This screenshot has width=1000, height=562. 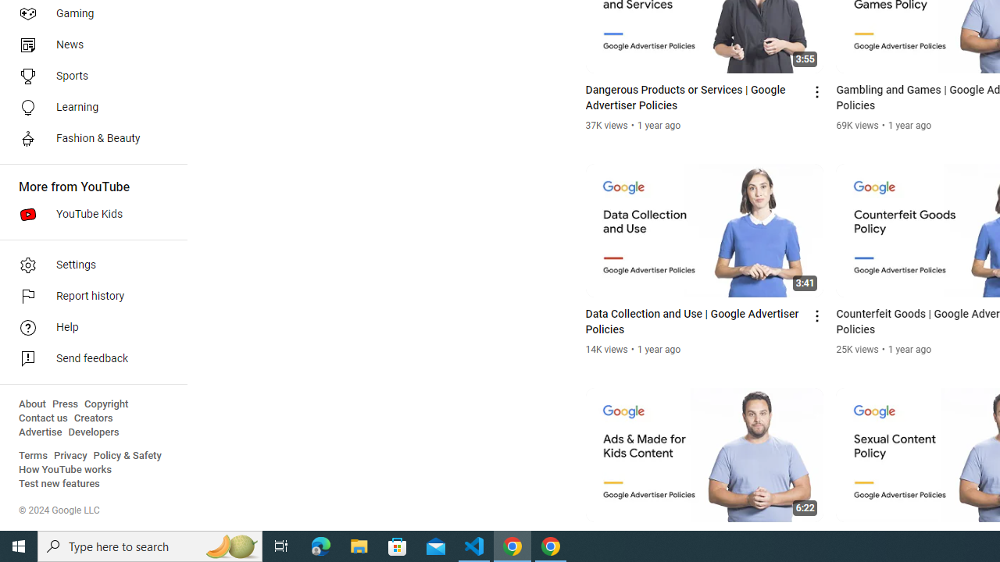 I want to click on 'Send feedback', so click(x=87, y=359).